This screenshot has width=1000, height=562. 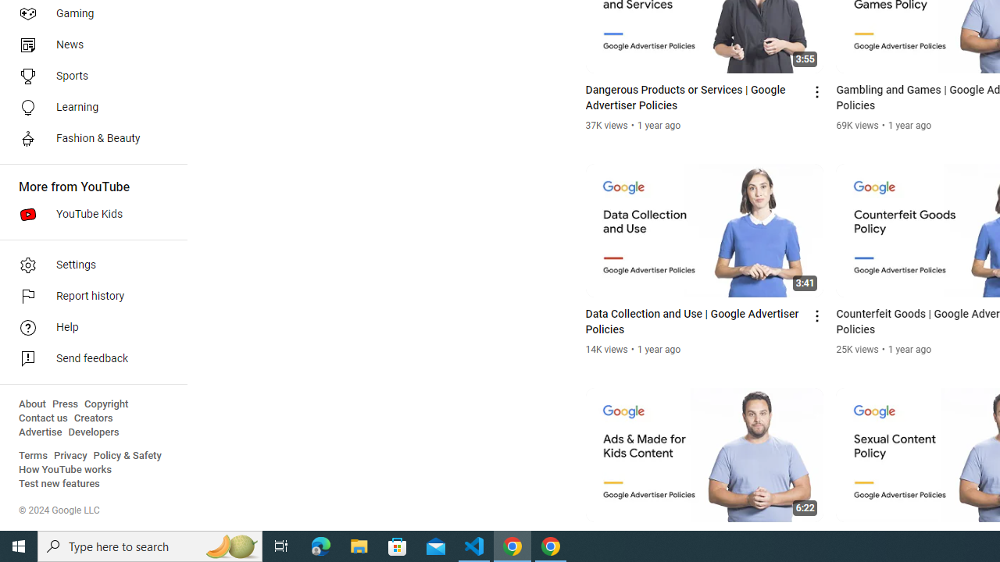 I want to click on 'Send feedback', so click(x=87, y=359).